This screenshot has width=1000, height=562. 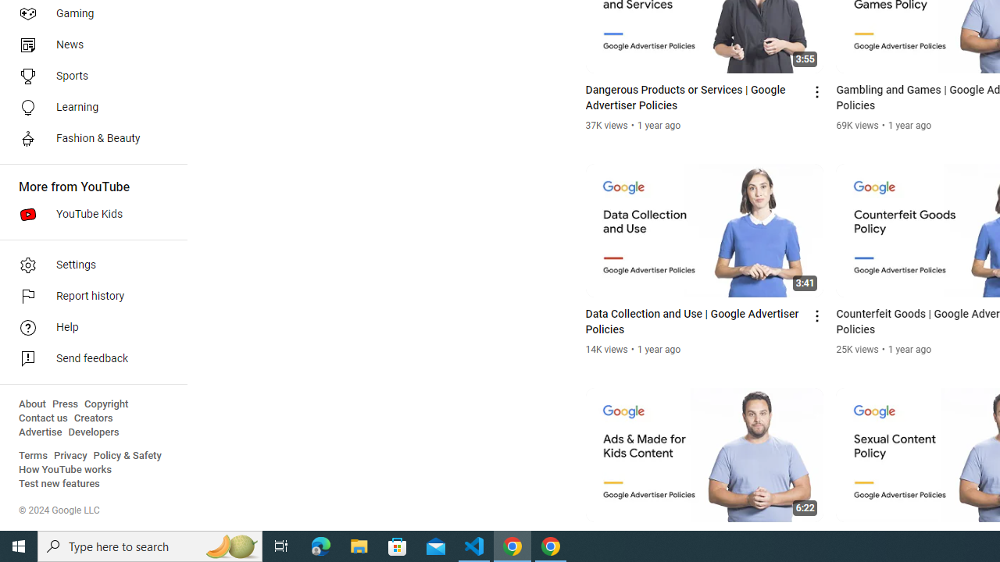 I want to click on 'Send feedback', so click(x=87, y=359).